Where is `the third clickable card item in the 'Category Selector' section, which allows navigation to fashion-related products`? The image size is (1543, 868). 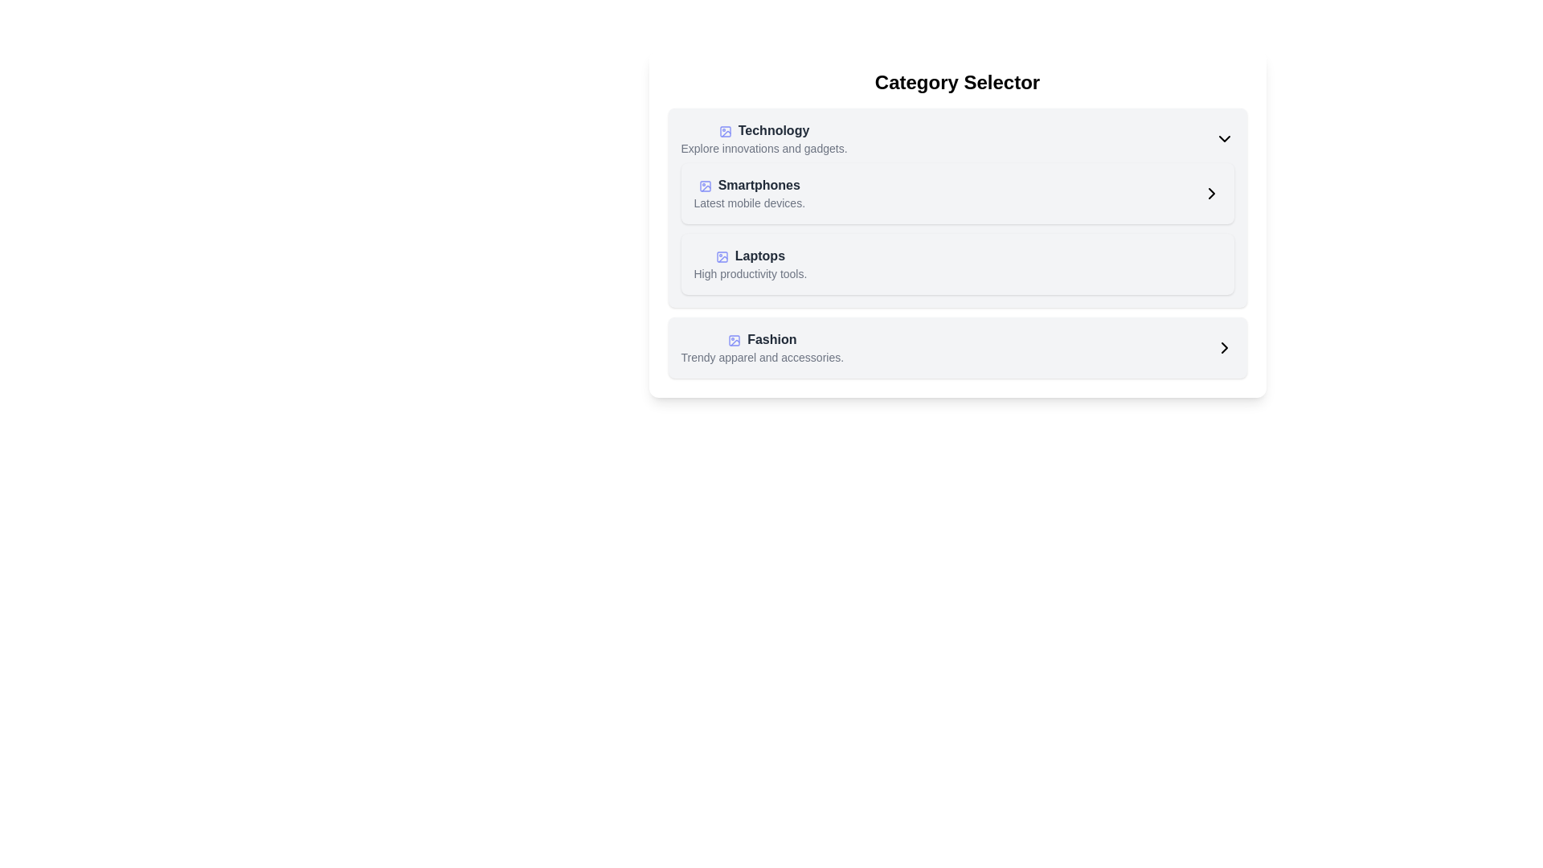
the third clickable card item in the 'Category Selector' section, which allows navigation to fashion-related products is located at coordinates (957, 346).